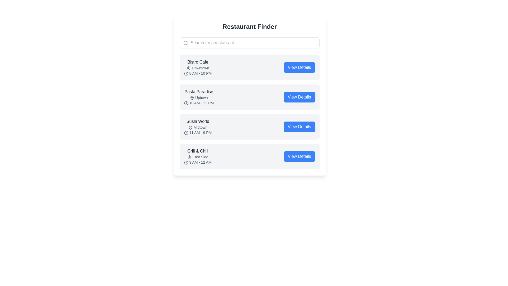  I want to click on the map pin icon located to the left of the 'East Side' text in the 'Grill & Chill' section, so click(189, 157).